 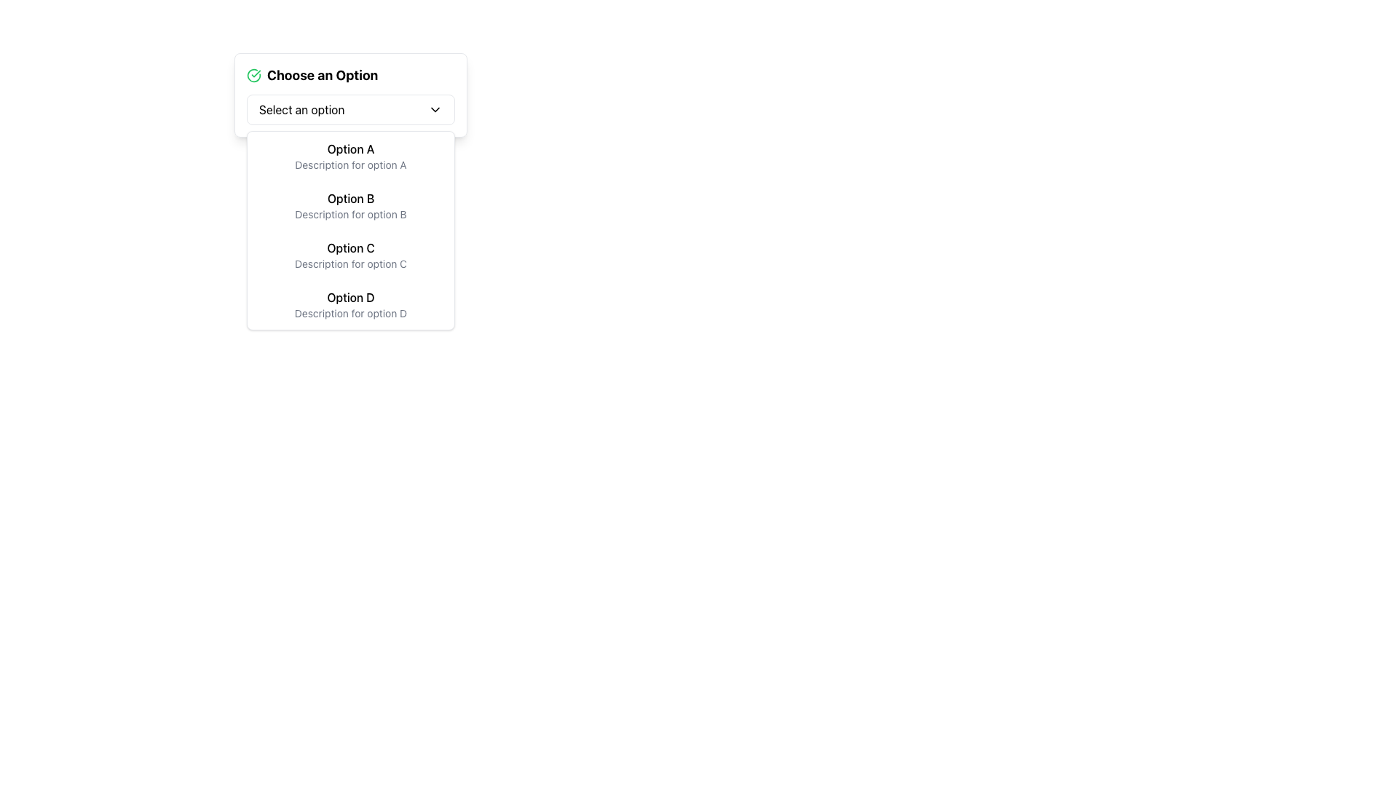 I want to click on the downward-pointing chevron icon next to the text 'Select an option', so click(x=435, y=108).